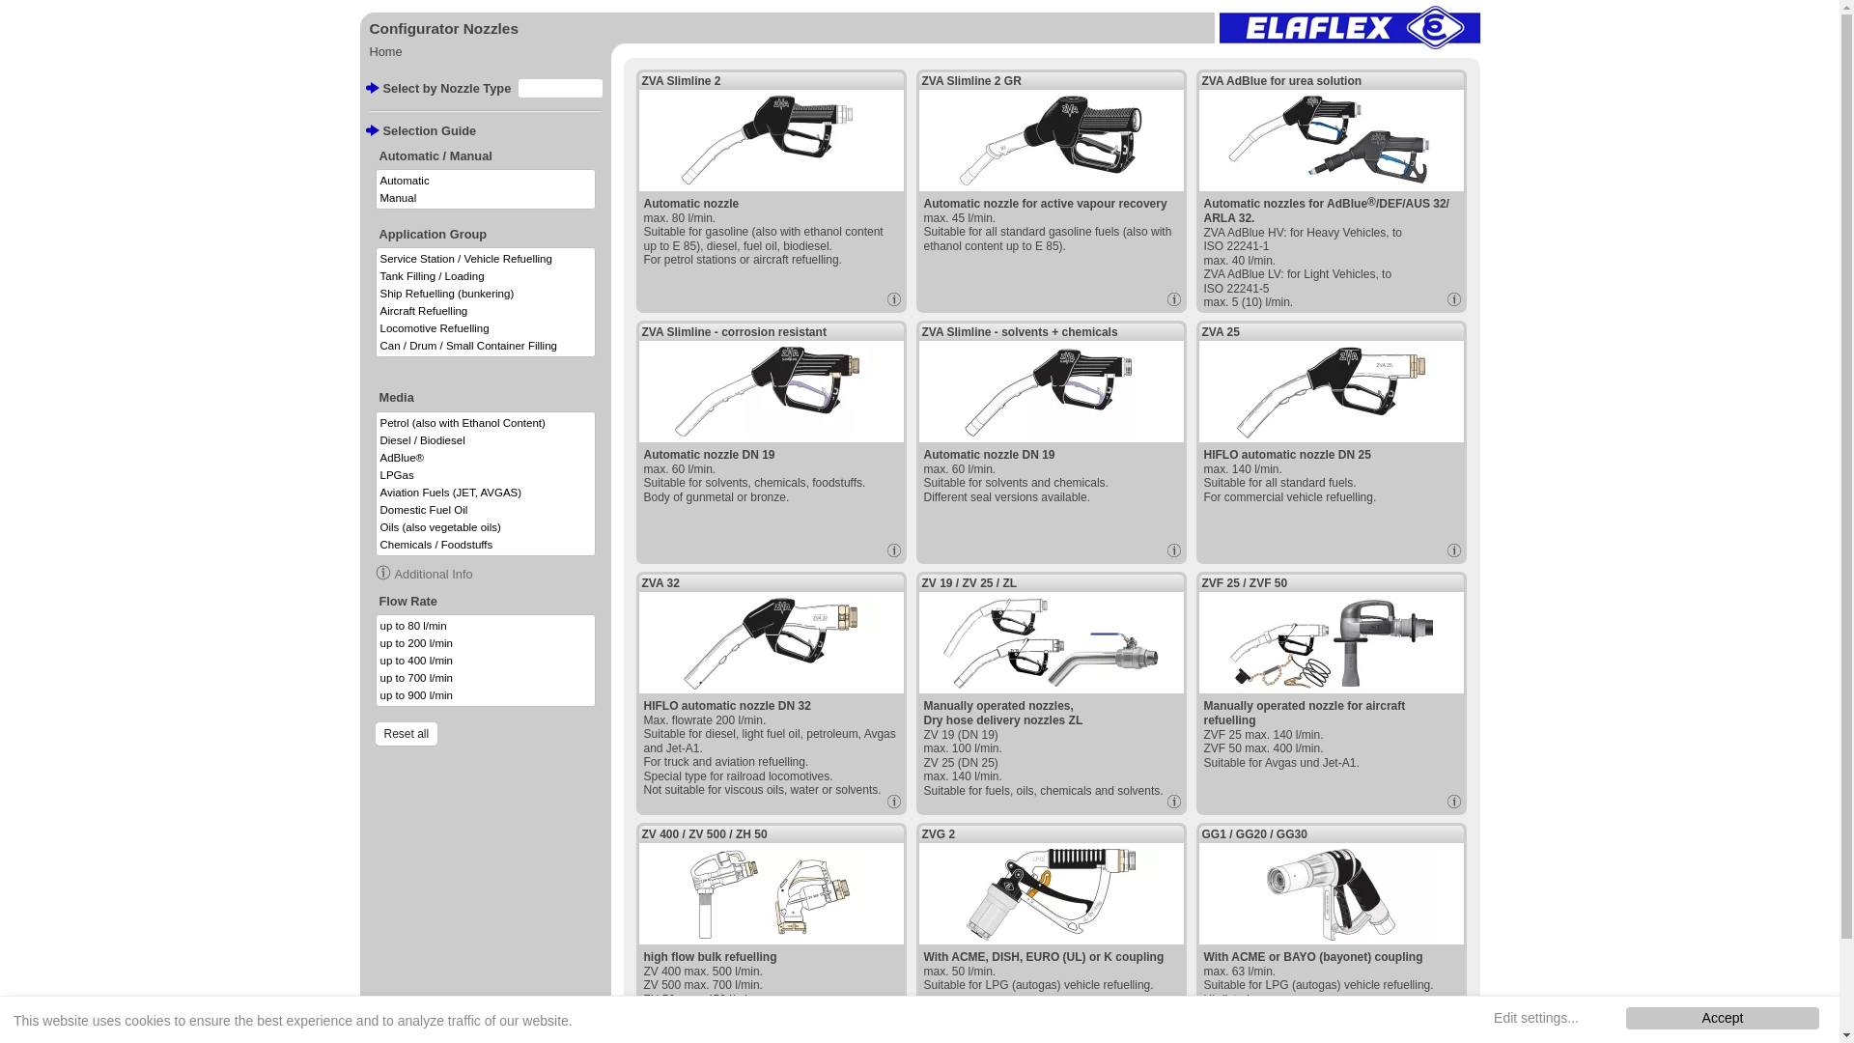 This screenshot has width=1854, height=1043. Describe the element at coordinates (486, 275) in the screenshot. I see `'Tank Filling / Loading'` at that location.